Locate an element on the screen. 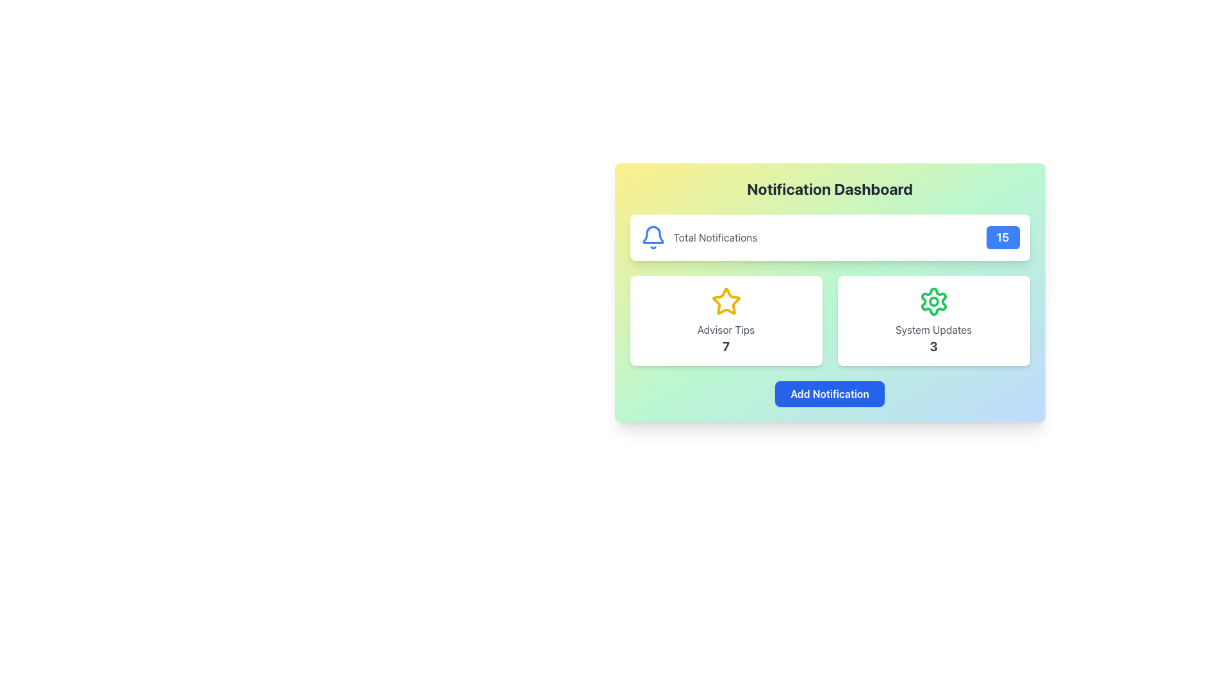 The image size is (1230, 692). the bold text label displaying the number '3', located below 'System Updates' and styled in dark gray with a larger font size is located at coordinates (933, 346).